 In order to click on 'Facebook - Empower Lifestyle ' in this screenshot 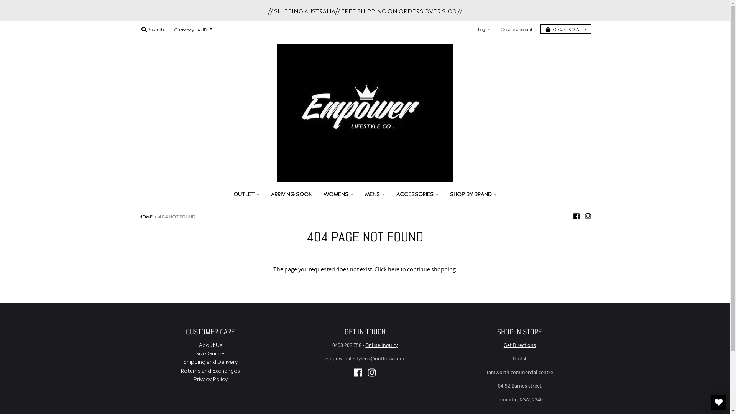, I will do `click(358, 372)`.